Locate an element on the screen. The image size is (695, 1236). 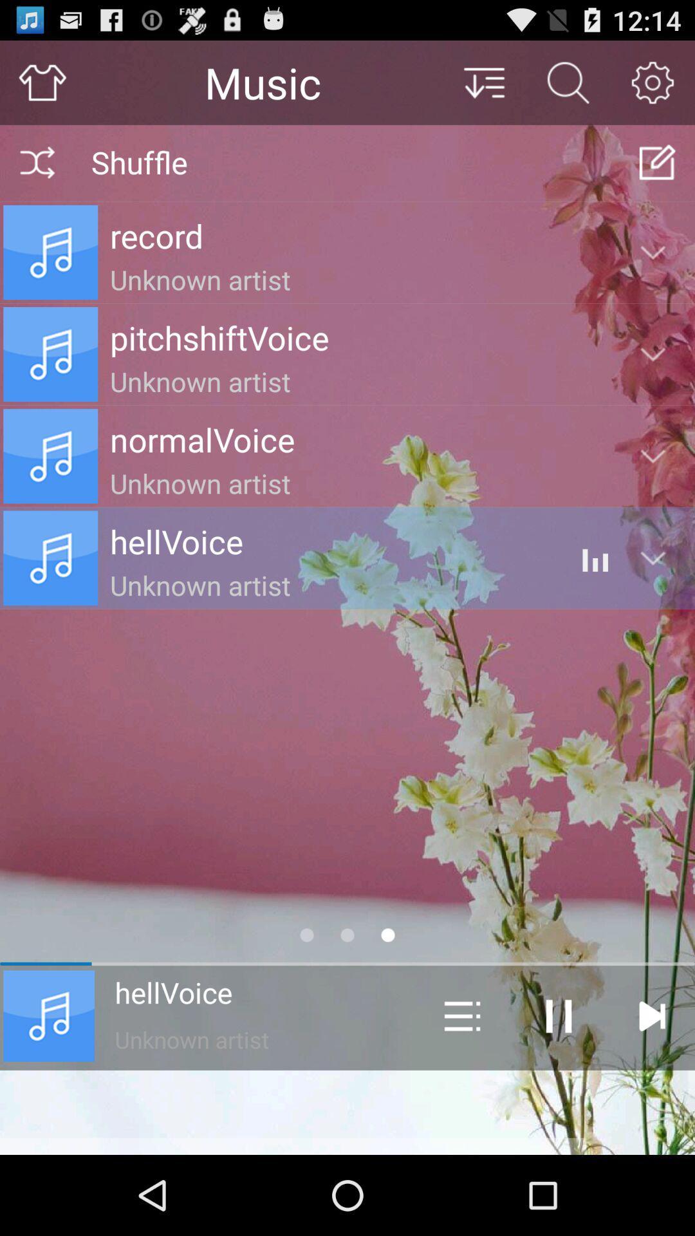
the filter_list icon is located at coordinates (483, 88).